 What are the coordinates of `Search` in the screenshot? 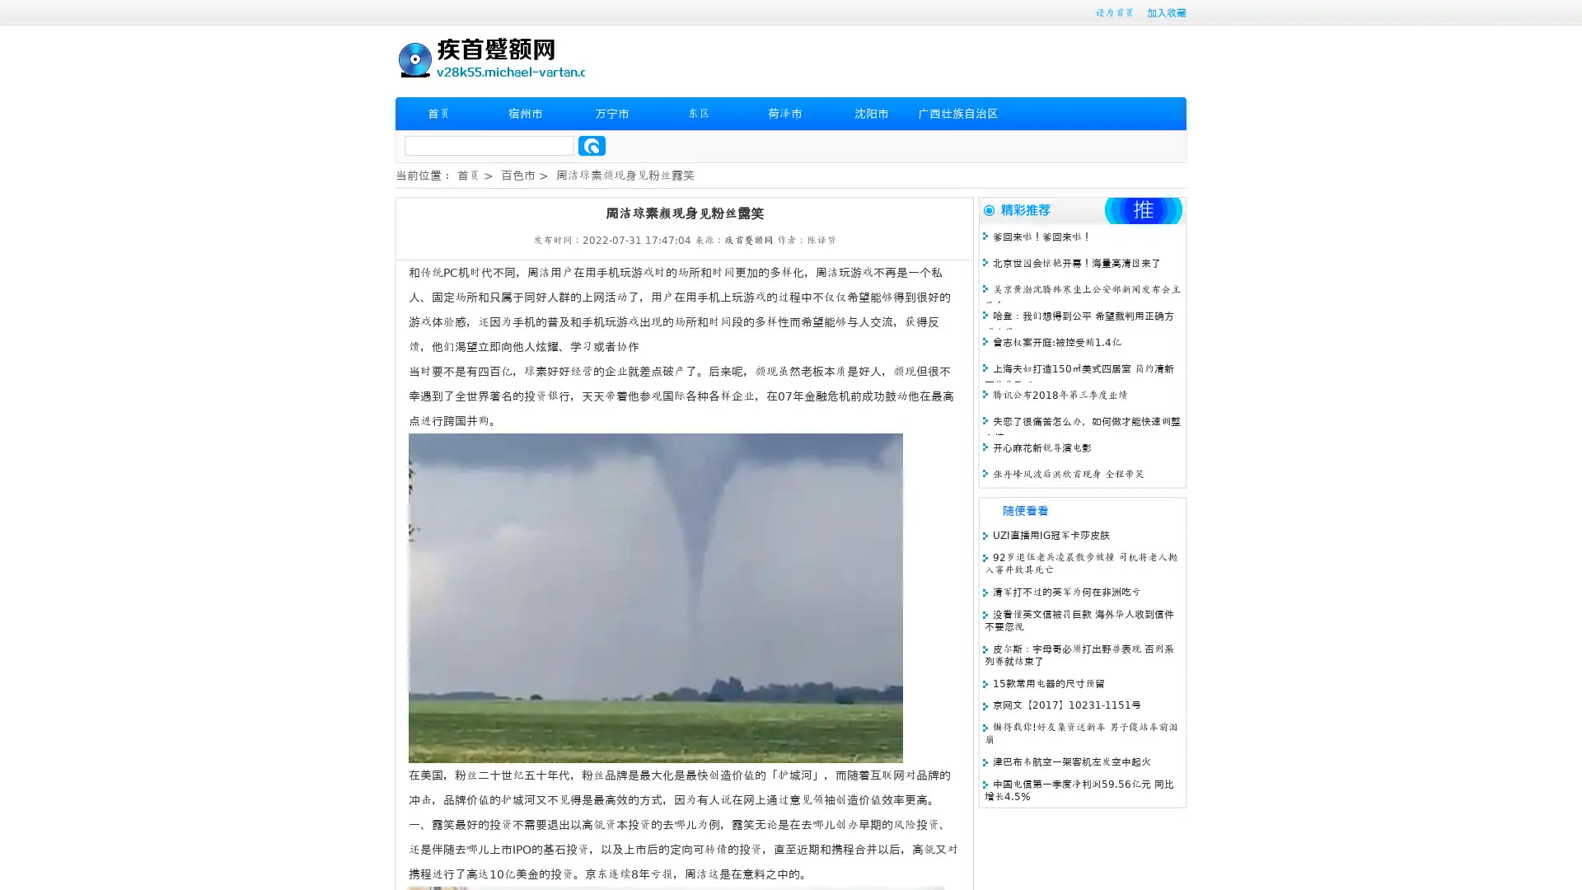 It's located at (592, 145).